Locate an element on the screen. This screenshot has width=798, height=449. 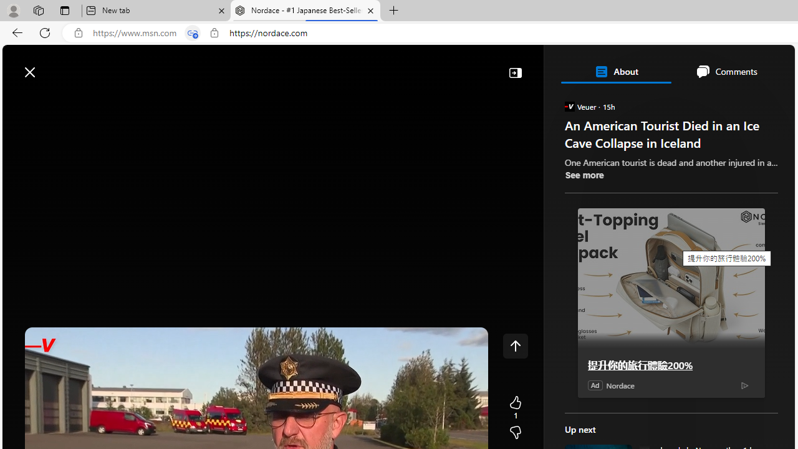
'Tabs in split screen' is located at coordinates (192, 32).